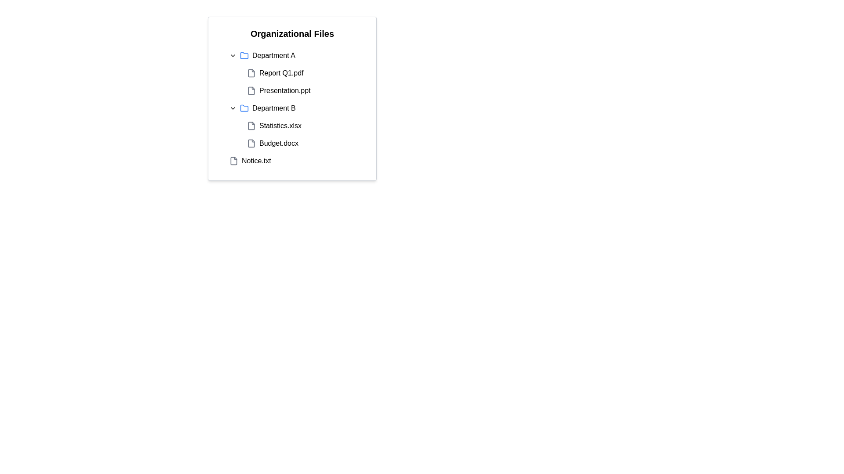 This screenshot has width=844, height=474. I want to click on the clickable list item labeled 'Budget.docx' located under the 'Department B' folder, which is the second entry below 'Statistics.xlsx', so click(301, 143).